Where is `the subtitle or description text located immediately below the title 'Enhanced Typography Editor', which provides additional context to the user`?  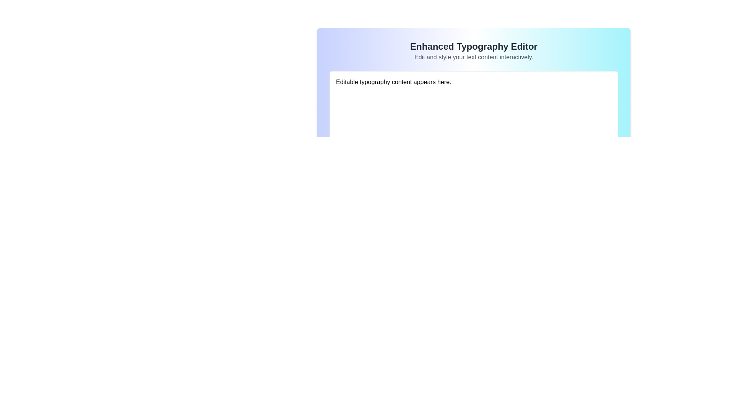
the subtitle or description text located immediately below the title 'Enhanced Typography Editor', which provides additional context to the user is located at coordinates (473, 57).